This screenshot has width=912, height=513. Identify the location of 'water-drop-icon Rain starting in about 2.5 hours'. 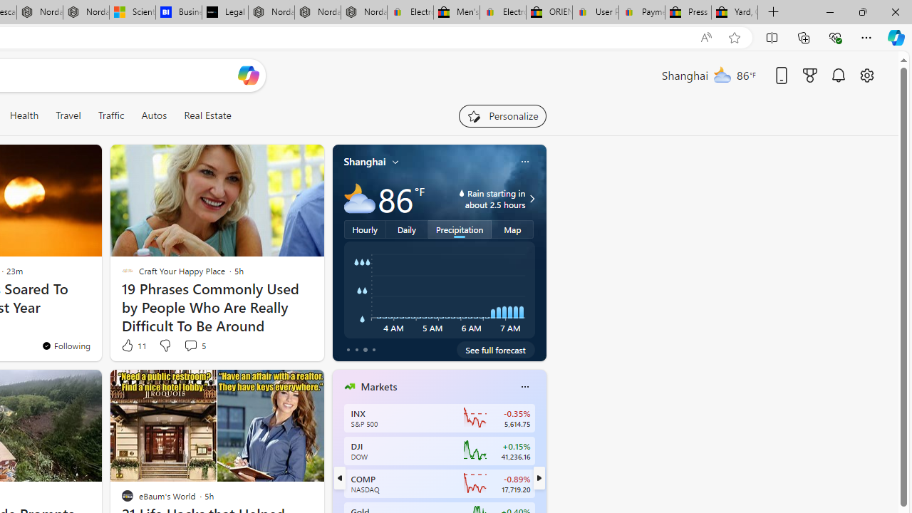
(480, 199).